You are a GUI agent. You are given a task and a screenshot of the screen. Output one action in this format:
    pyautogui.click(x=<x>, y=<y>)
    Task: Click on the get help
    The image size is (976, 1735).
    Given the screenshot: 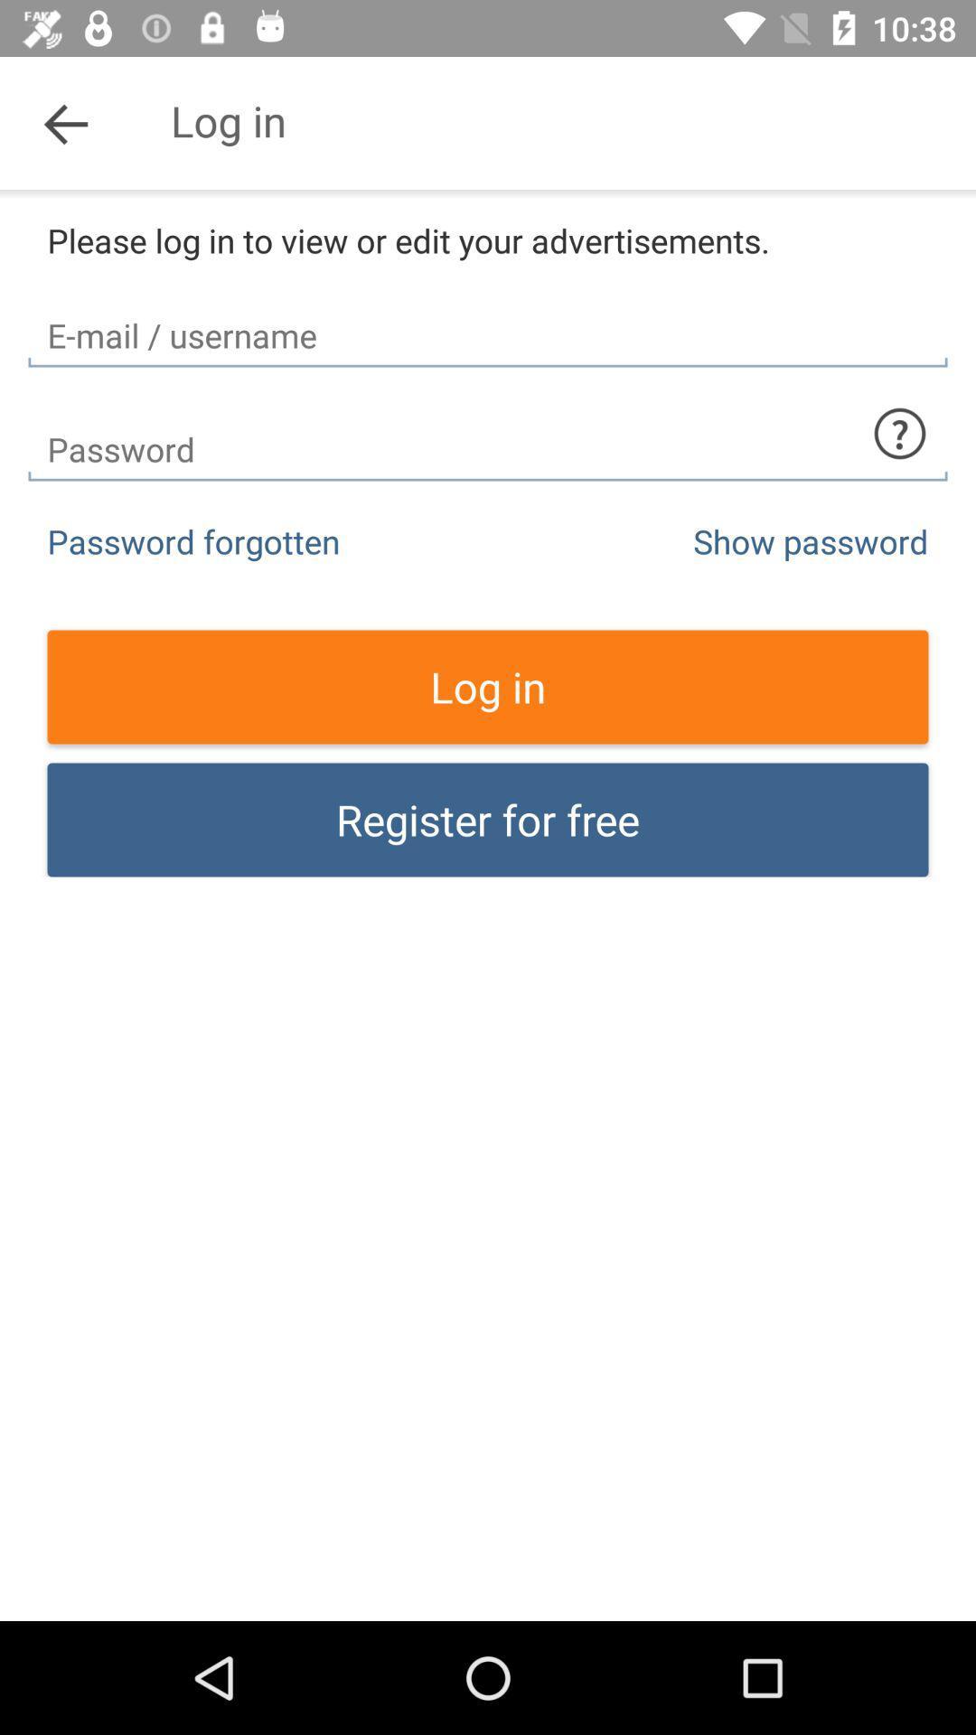 What is the action you would take?
    pyautogui.click(x=899, y=434)
    